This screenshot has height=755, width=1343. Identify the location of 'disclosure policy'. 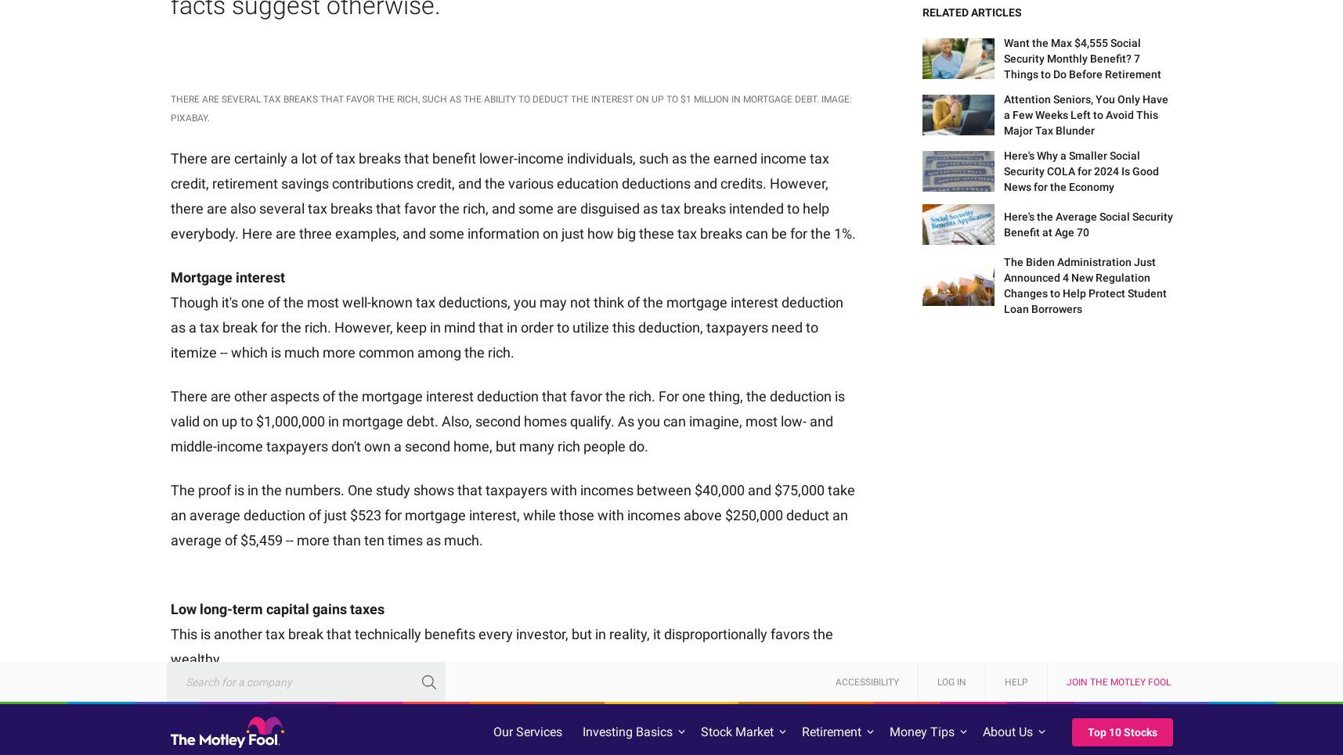
(204, 171).